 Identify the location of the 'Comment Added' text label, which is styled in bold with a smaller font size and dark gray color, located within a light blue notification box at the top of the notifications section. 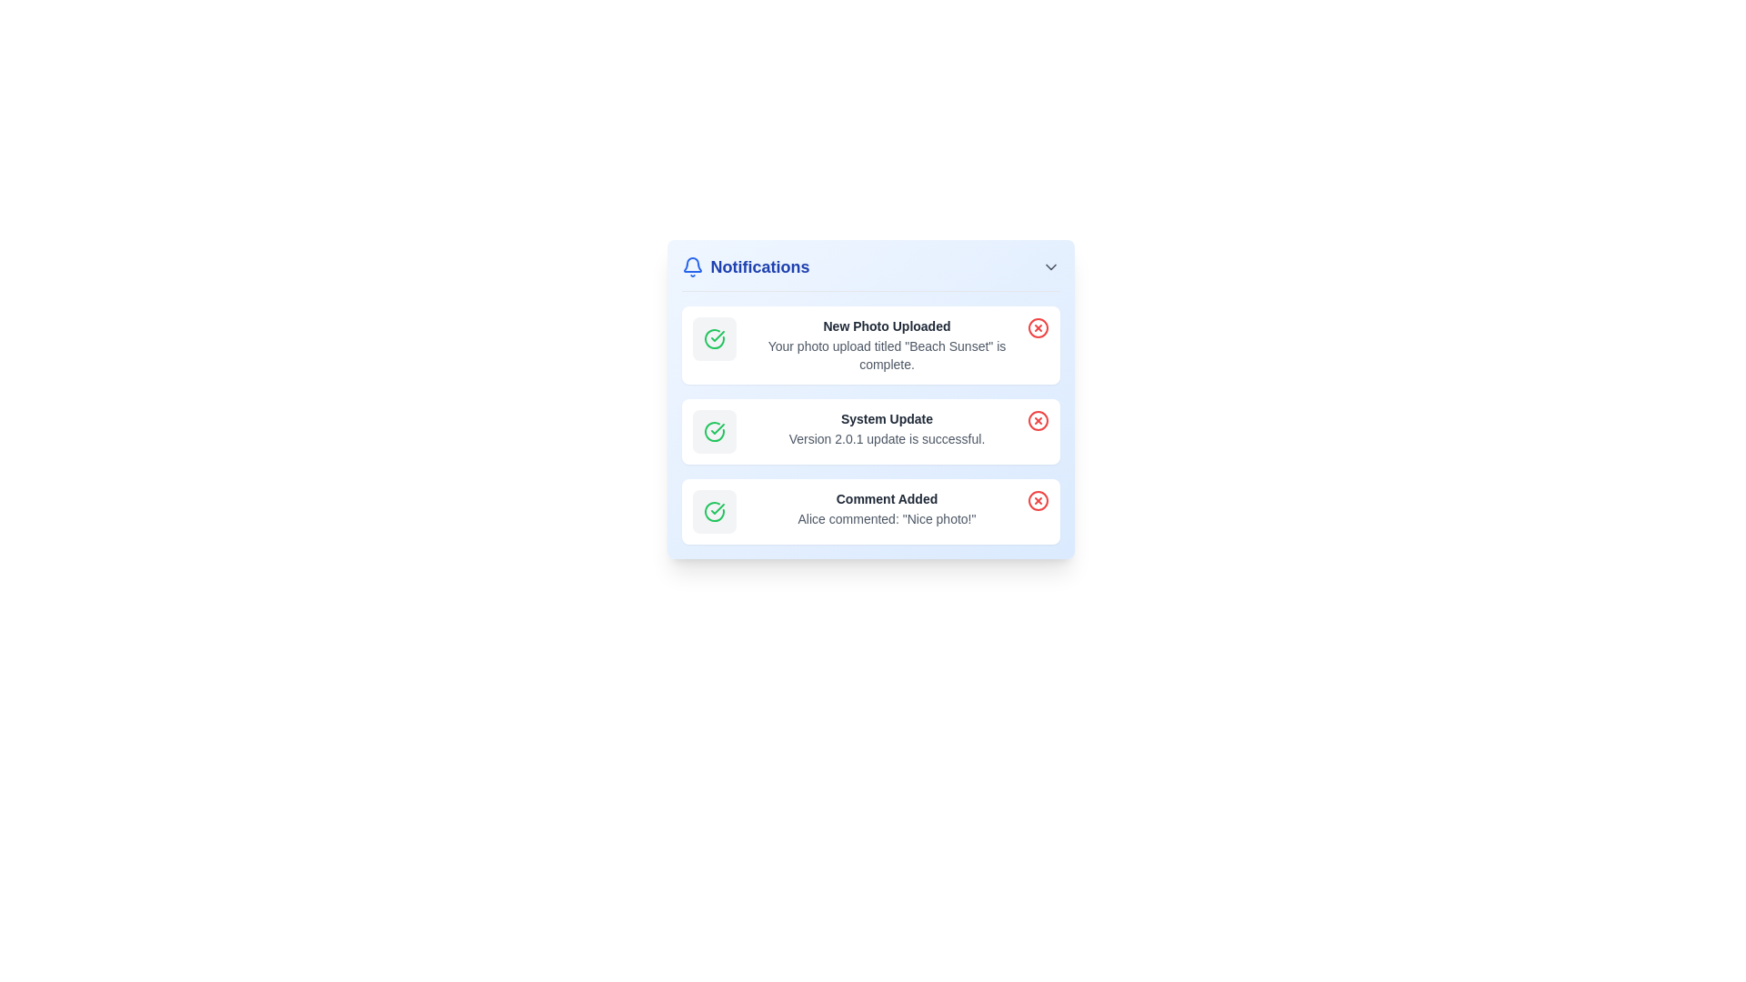
(887, 498).